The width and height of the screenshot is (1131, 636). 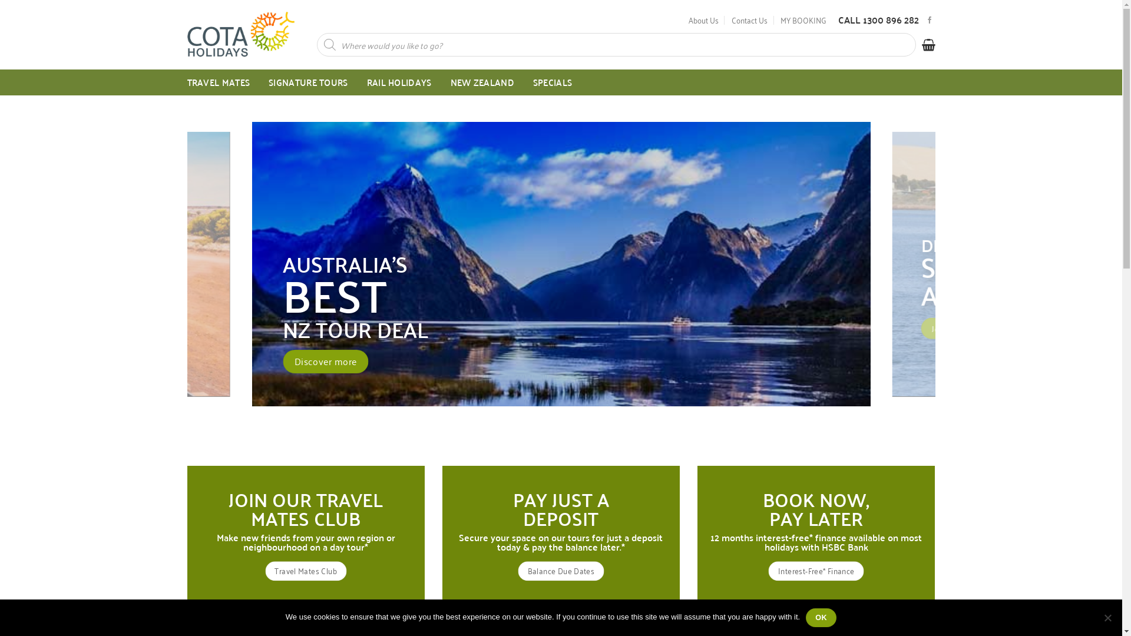 I want to click on 'Travel Mates Club', so click(x=305, y=570).